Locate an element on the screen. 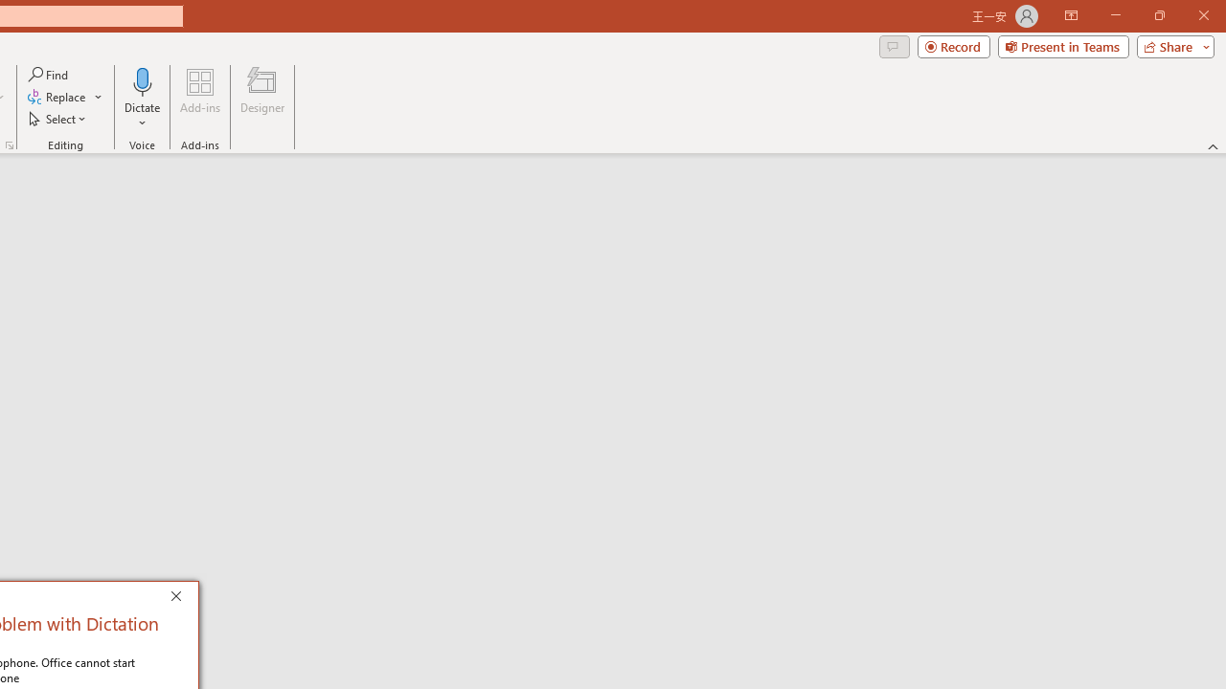 The height and width of the screenshot is (689, 1226). 'Find...' is located at coordinates (49, 74).